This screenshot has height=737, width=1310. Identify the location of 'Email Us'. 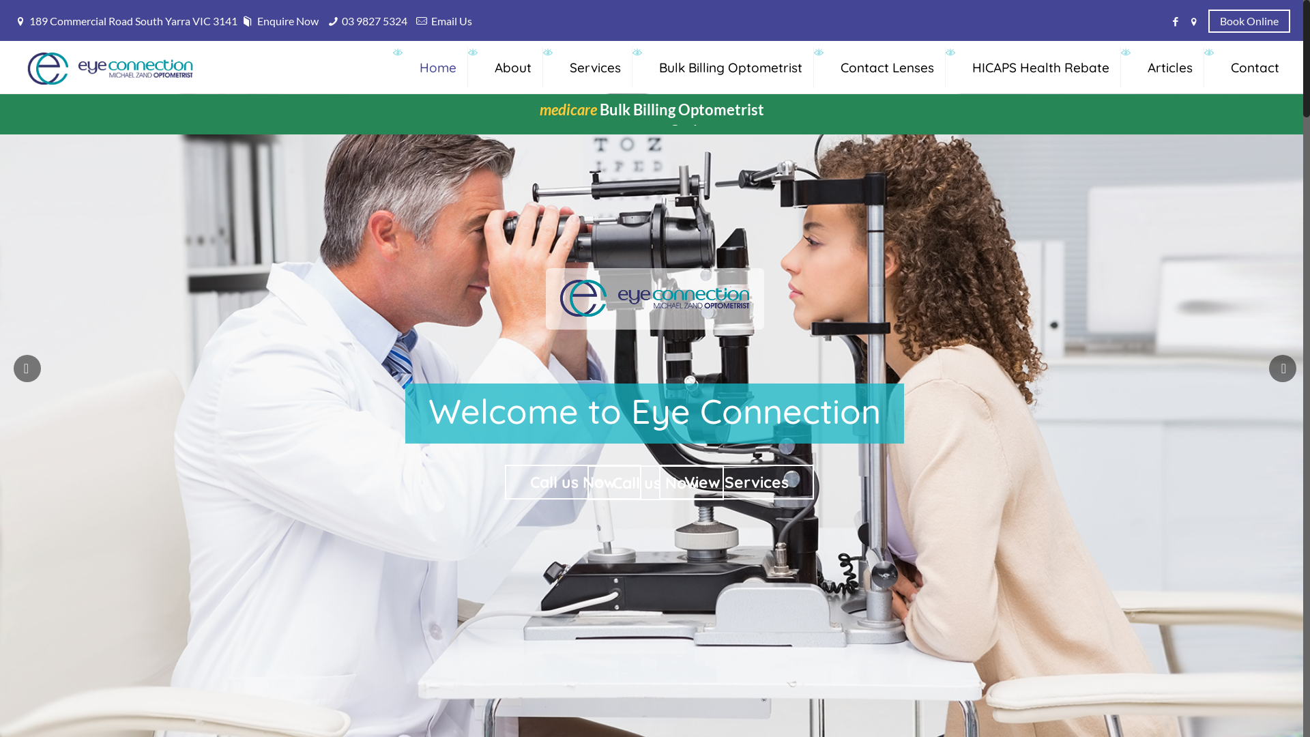
(452, 20).